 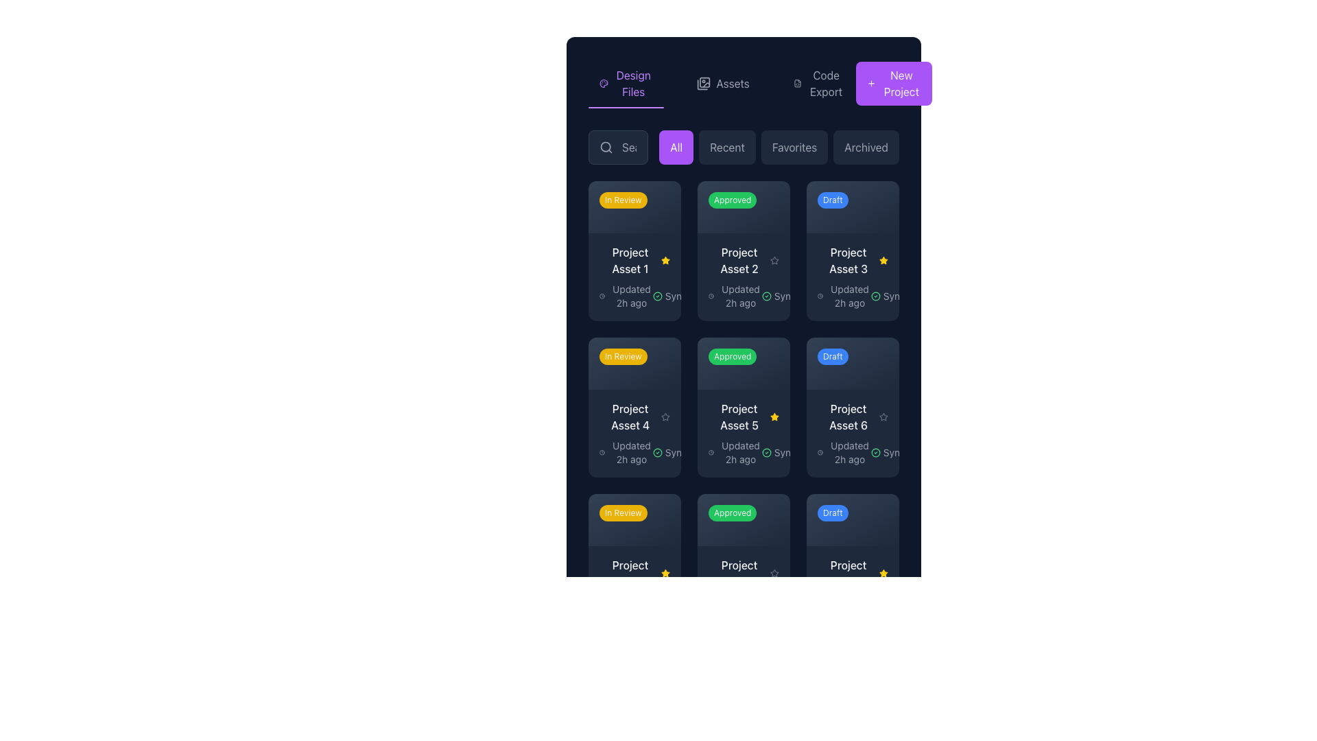 What do you see at coordinates (739, 573) in the screenshot?
I see `the Text label that serves as a title for the associated project card, located under the 'Project Asset 6' card in the lower center of the grid` at bounding box center [739, 573].